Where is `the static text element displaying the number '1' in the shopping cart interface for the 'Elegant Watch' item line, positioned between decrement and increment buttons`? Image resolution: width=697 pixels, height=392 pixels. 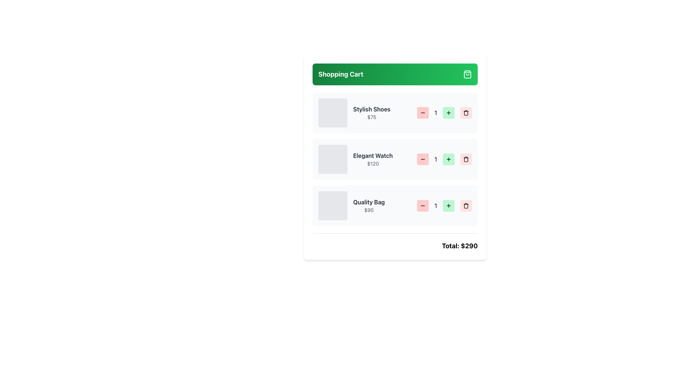
the static text element displaying the number '1' in the shopping cart interface for the 'Elegant Watch' item line, positioned between decrement and increment buttons is located at coordinates (436, 159).